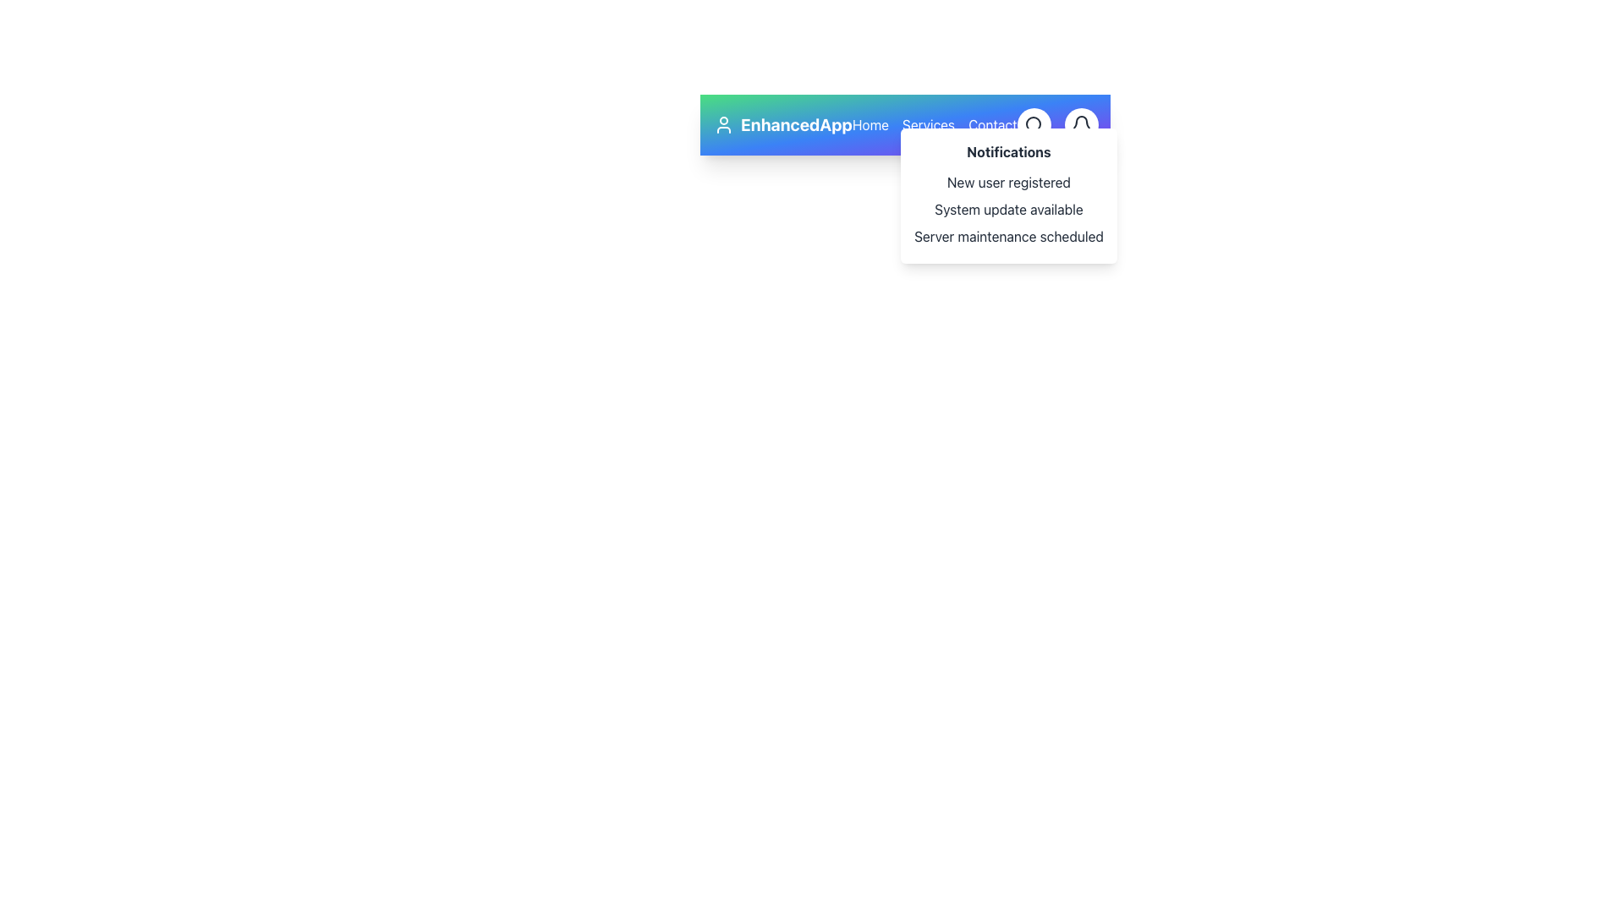 The height and width of the screenshot is (913, 1624). I want to click on the text item displaying 'System update available', which is the second notification entry in the dropdown 'Notifications' list, so click(1009, 208).